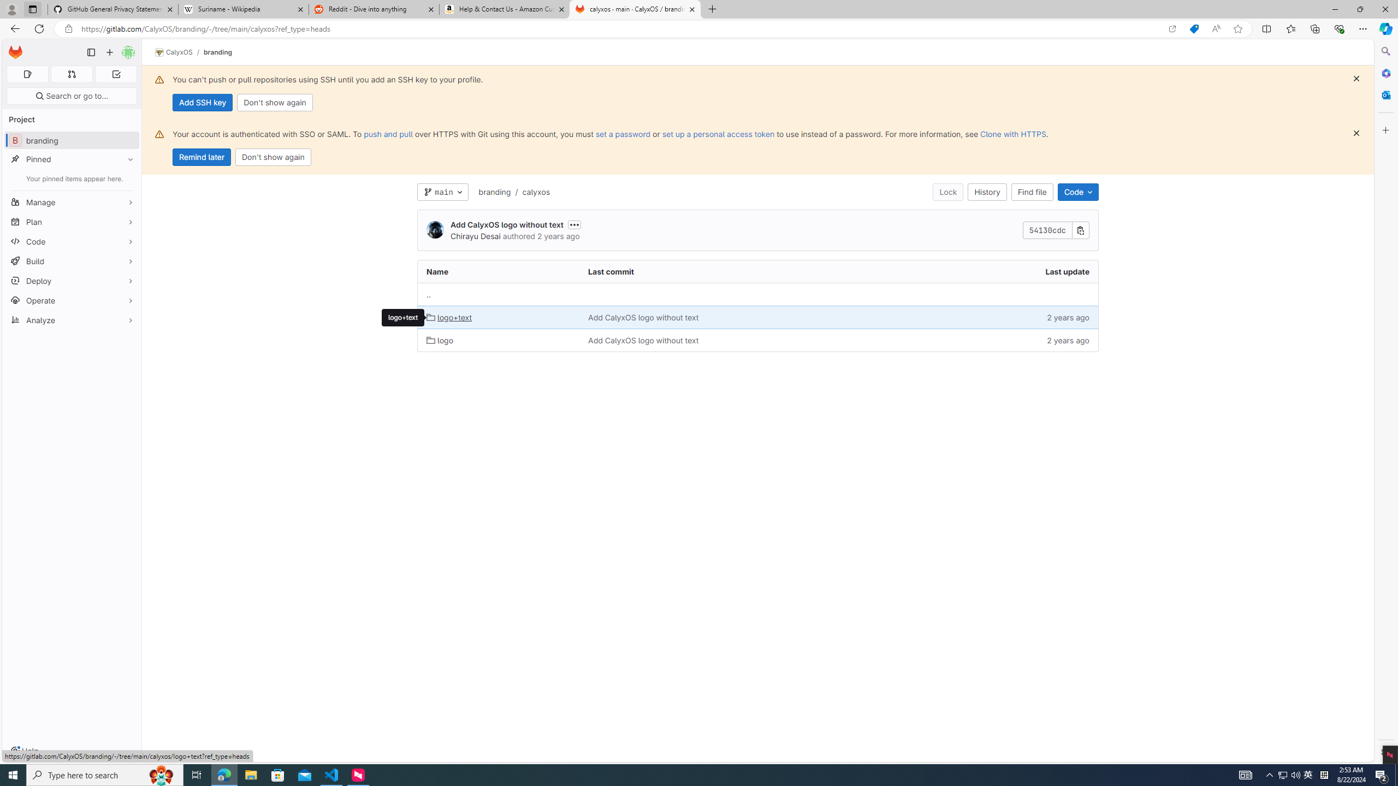 This screenshot has width=1398, height=786. Describe the element at coordinates (1032, 192) in the screenshot. I see `'Find file'` at that location.